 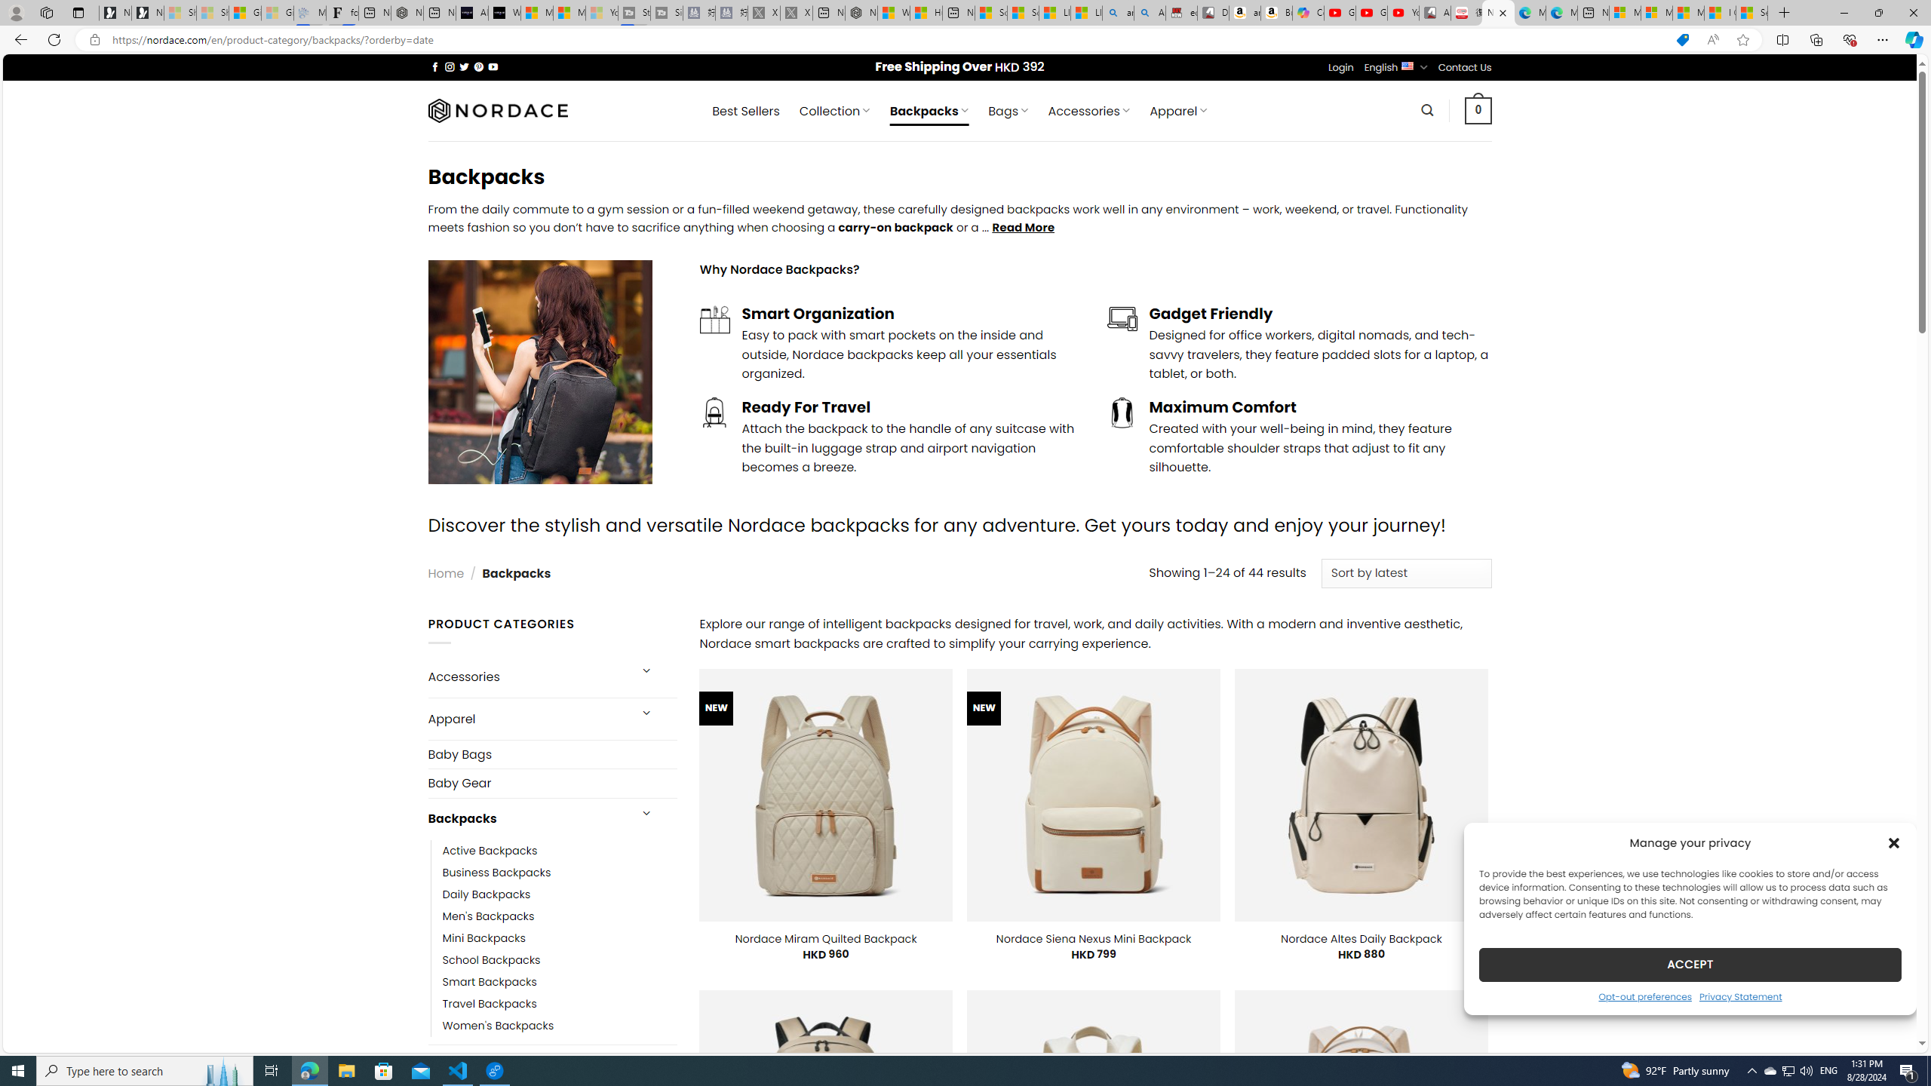 What do you see at coordinates (559, 916) in the screenshot?
I see `'Men'` at bounding box center [559, 916].